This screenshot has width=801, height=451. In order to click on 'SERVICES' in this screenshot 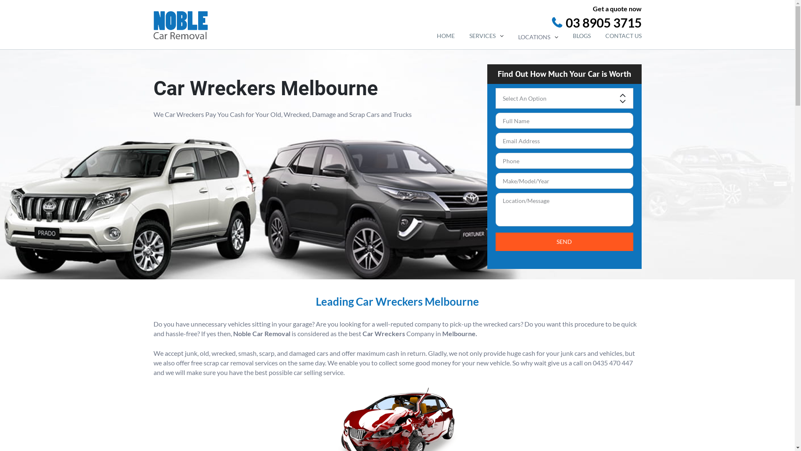, I will do `click(486, 35)`.